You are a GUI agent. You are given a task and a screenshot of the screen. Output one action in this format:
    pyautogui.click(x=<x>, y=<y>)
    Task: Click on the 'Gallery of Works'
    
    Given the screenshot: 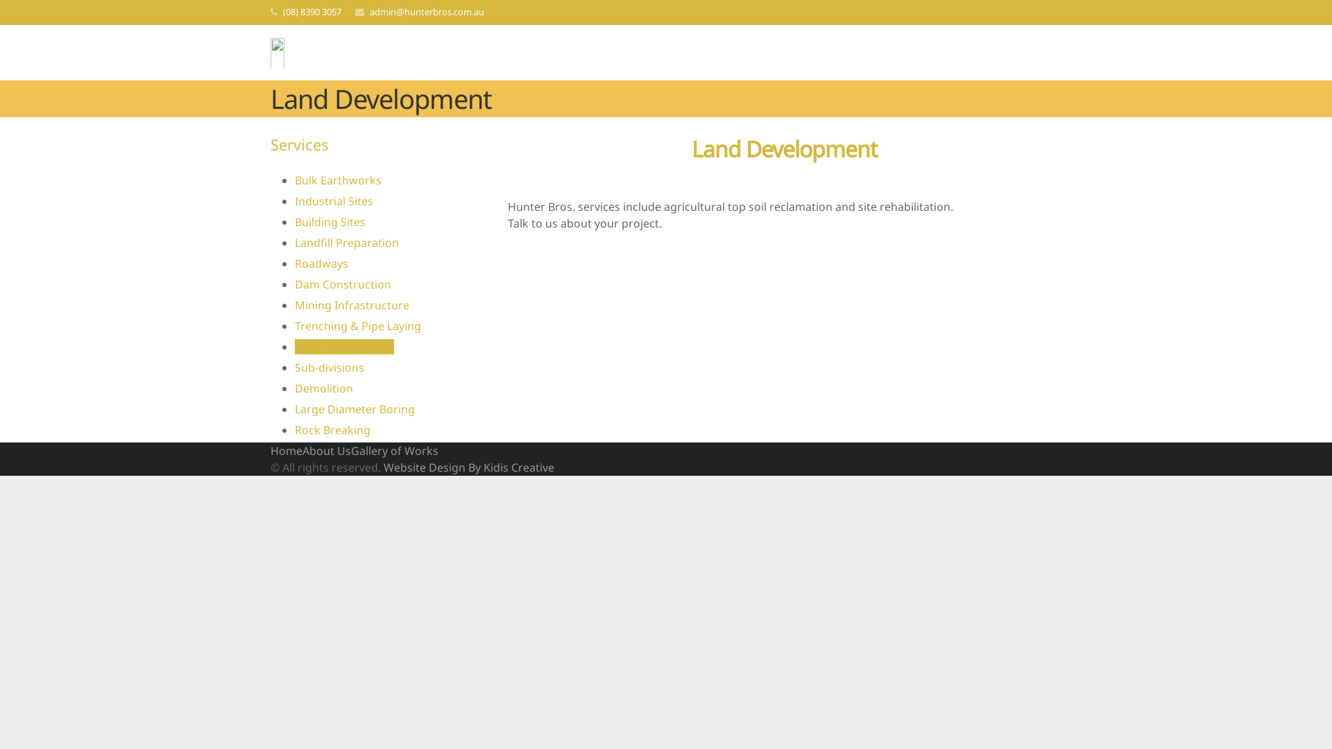 What is the action you would take?
    pyautogui.click(x=350, y=451)
    